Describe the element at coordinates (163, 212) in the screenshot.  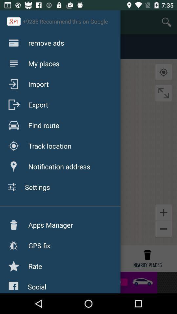
I see `the add icon` at that location.